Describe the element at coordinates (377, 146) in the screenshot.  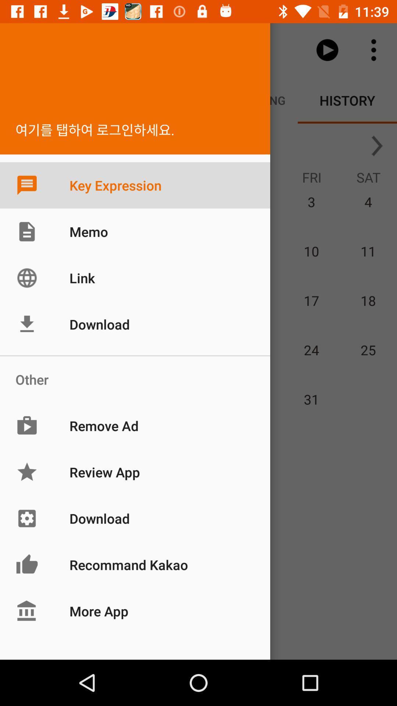
I see `the arrow_forward icon` at that location.